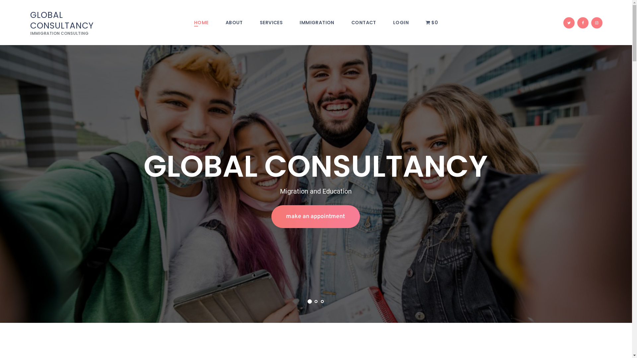  Describe the element at coordinates (185, 23) in the screenshot. I see `'HOME'` at that location.